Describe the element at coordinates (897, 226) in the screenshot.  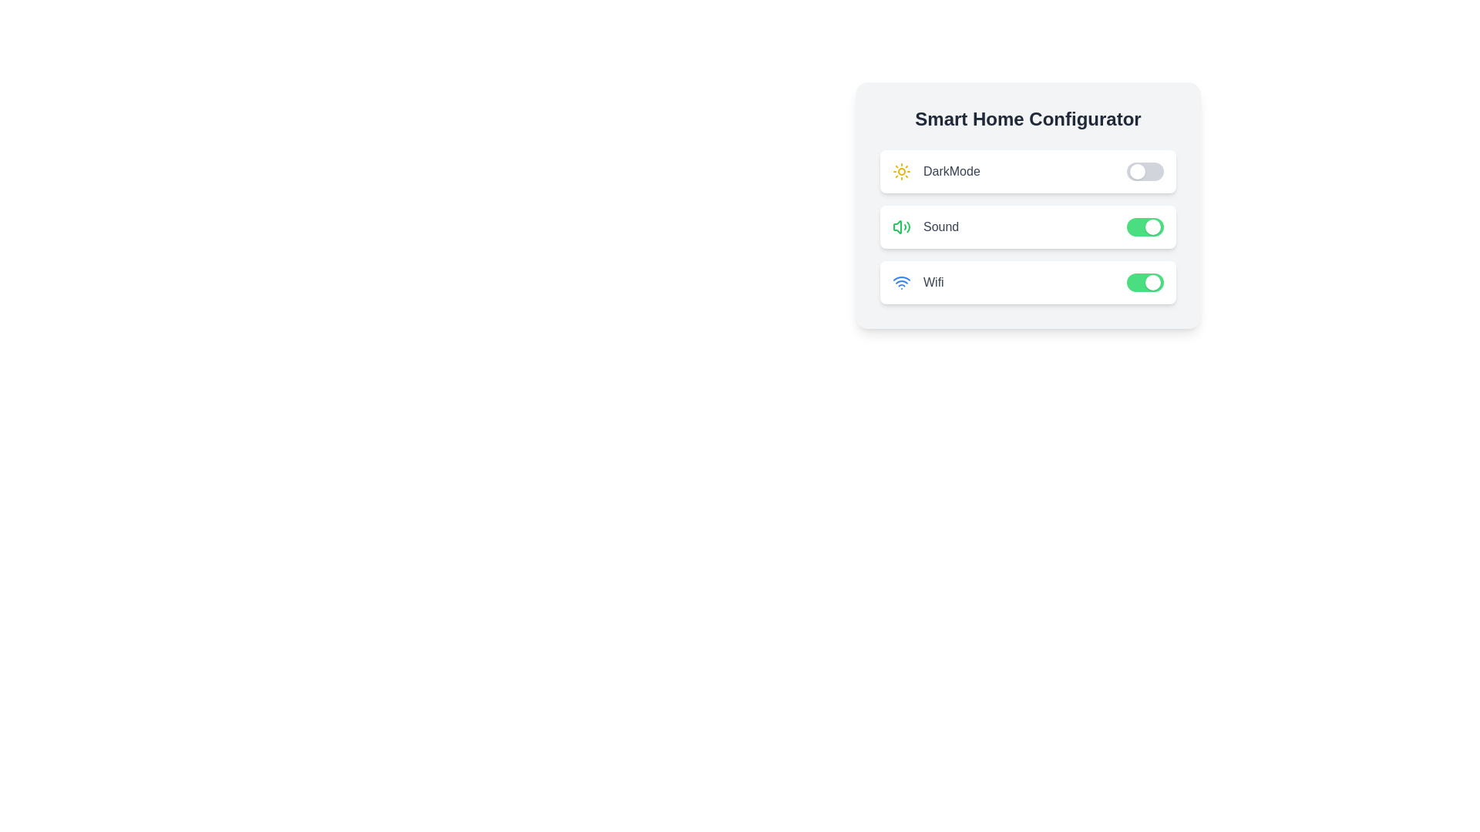
I see `the small green triangular shape located at the base of the larger speaker icon` at that location.